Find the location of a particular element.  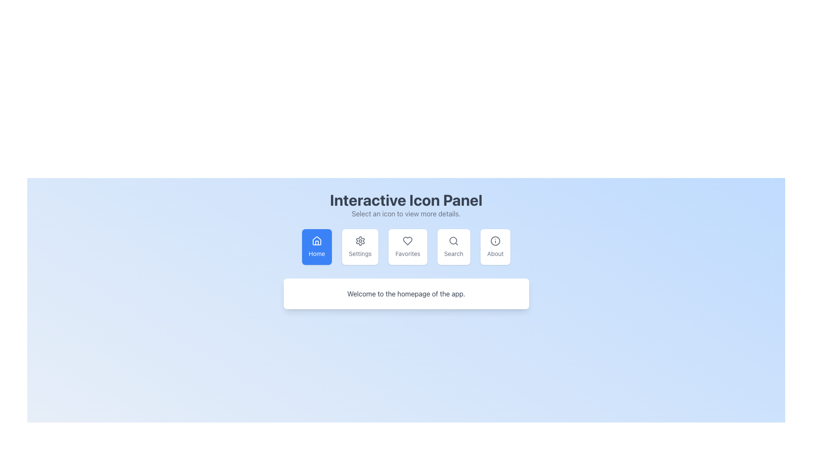

the 'Home' button, which is the first button in a sequence of five with a blue background and rounded corners, to observe the scaling effect is located at coordinates (316, 247).